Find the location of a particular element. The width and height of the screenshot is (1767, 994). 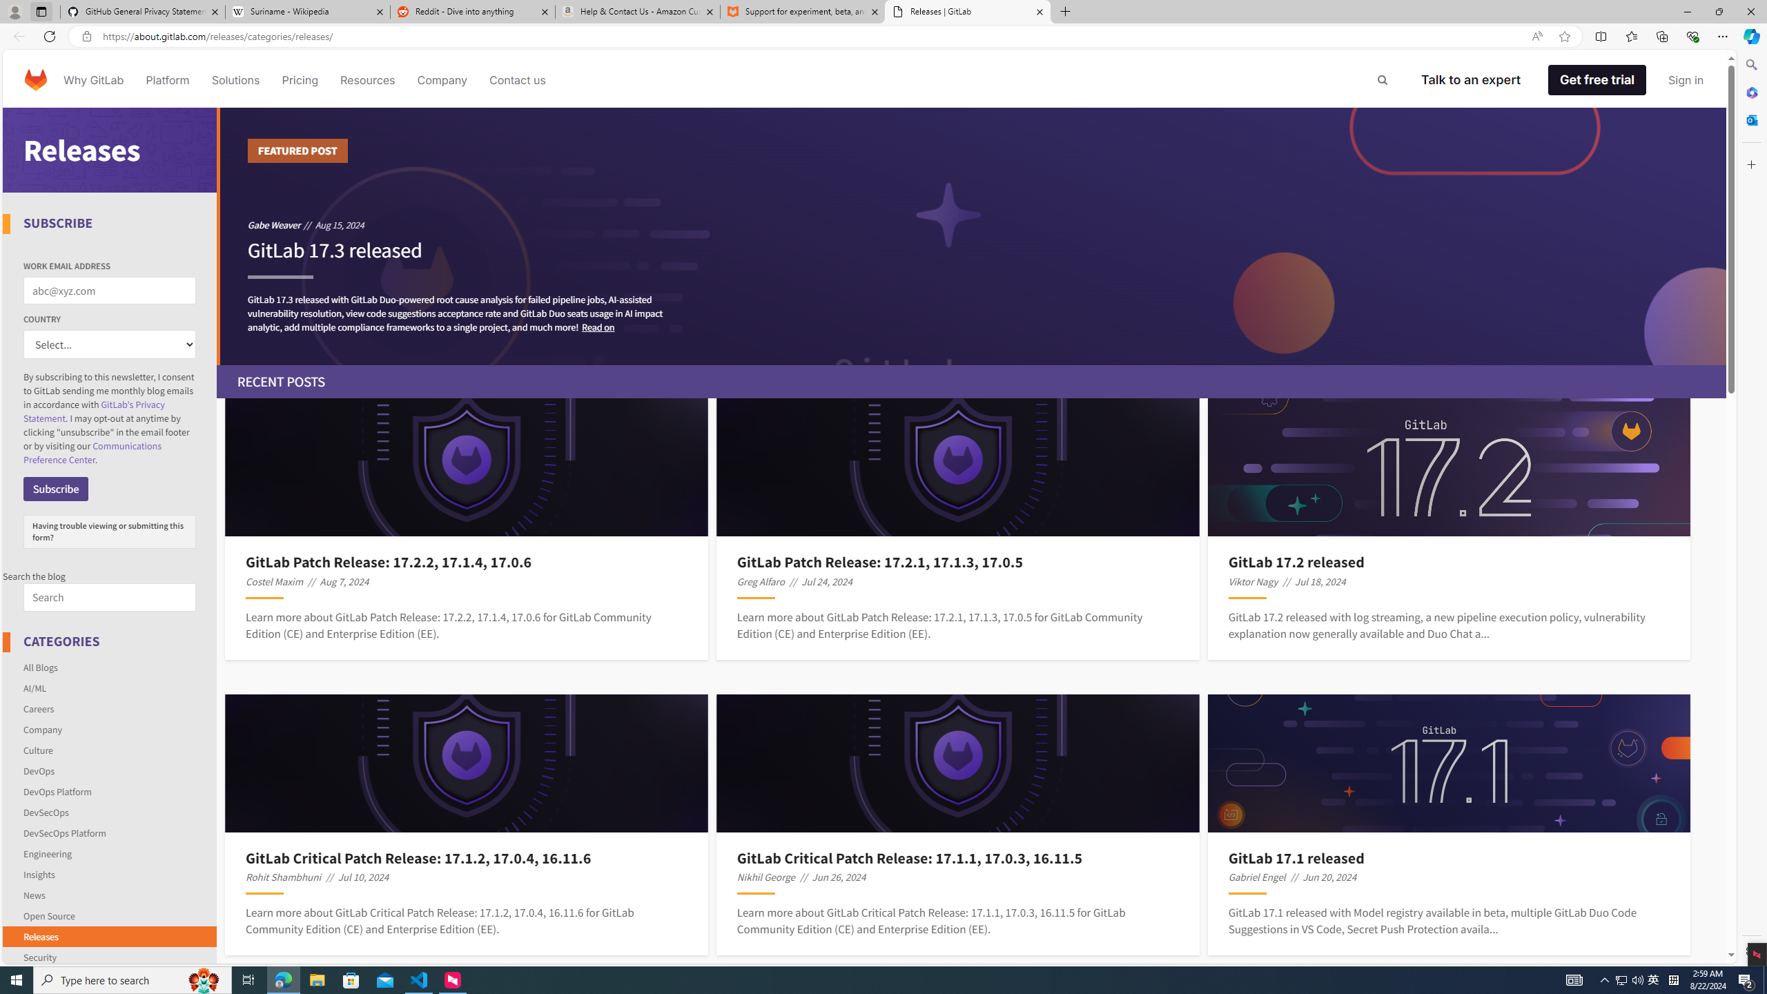

'Post Image' is located at coordinates (1449, 762).